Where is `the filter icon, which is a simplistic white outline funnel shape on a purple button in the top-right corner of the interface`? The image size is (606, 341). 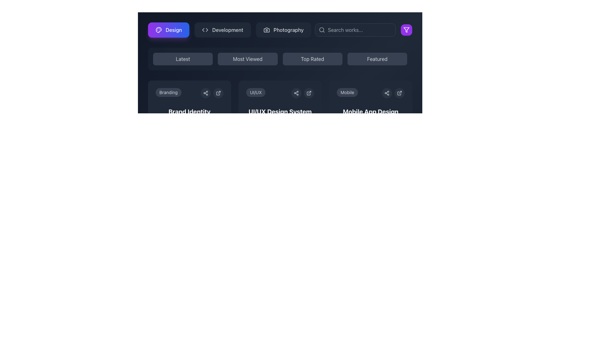 the filter icon, which is a simplistic white outline funnel shape on a purple button in the top-right corner of the interface is located at coordinates (406, 30).